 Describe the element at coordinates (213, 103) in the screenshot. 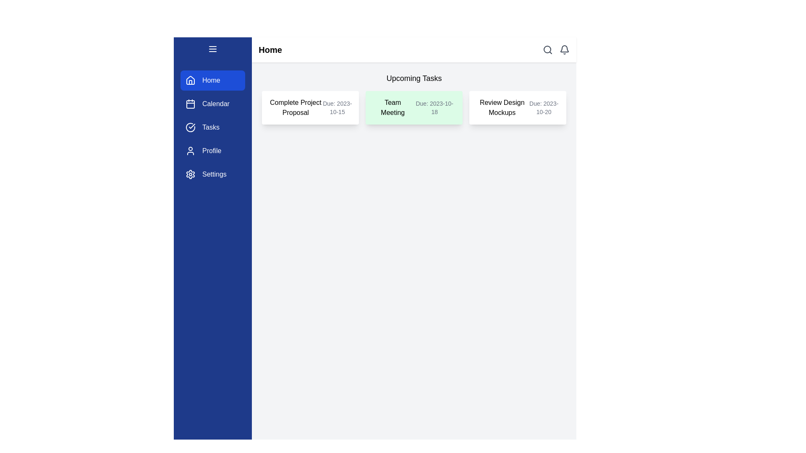

I see `the 'Calendar' button, which is a blue button with a white calendar icon on the left and the label 'Calendar' on the right, positioned second in the navigation bar` at that location.